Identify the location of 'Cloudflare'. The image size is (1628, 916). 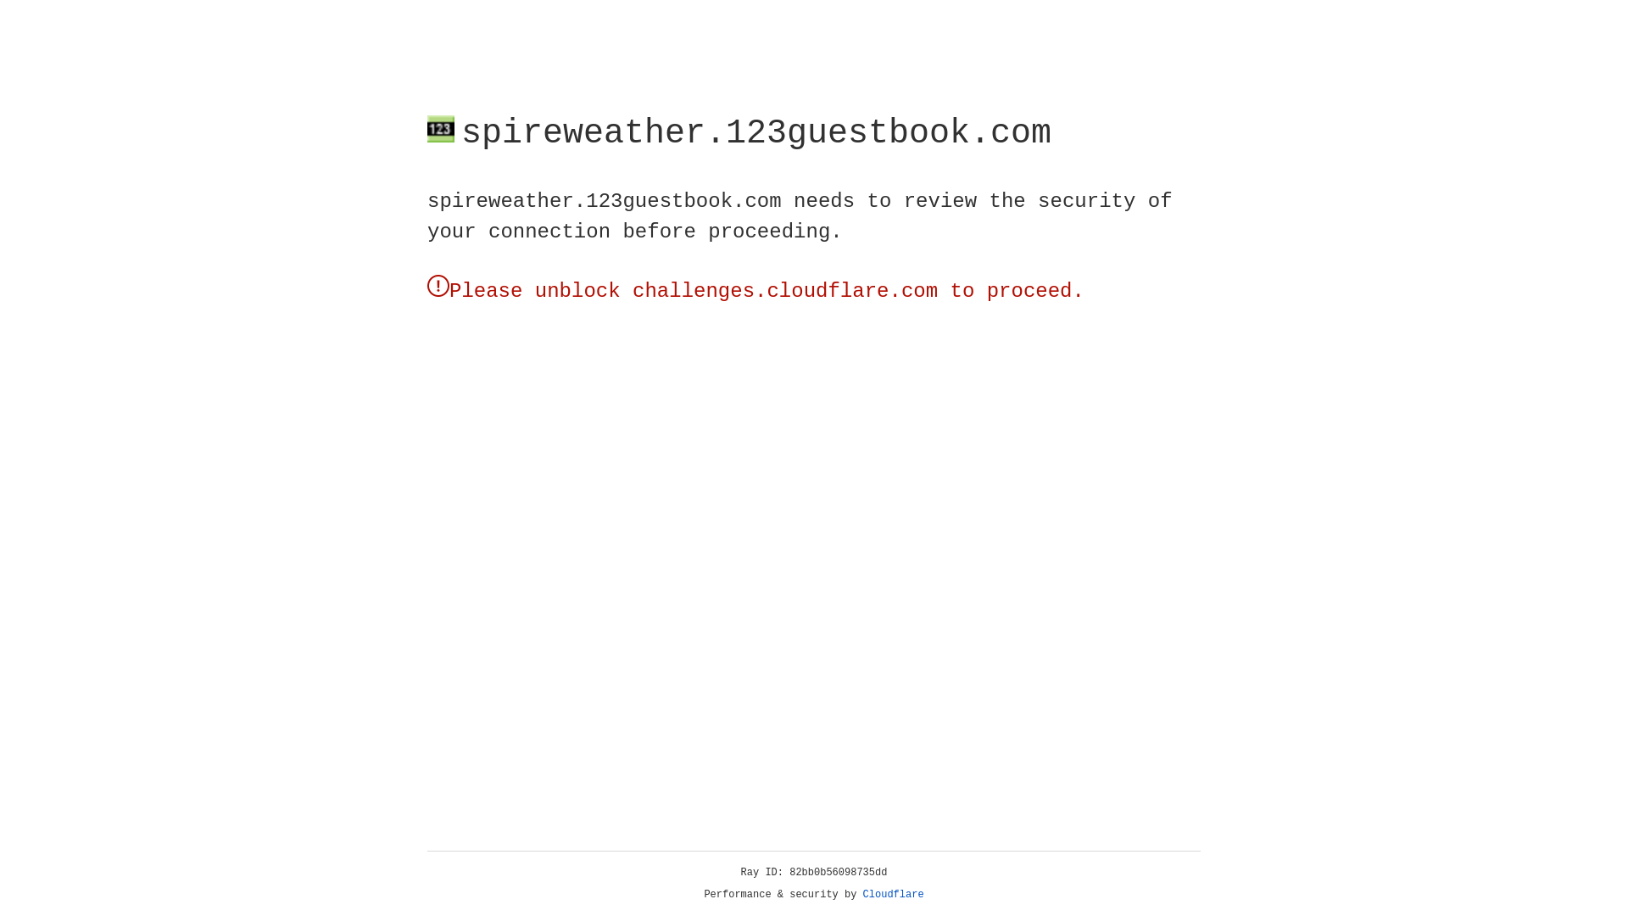
(893, 894).